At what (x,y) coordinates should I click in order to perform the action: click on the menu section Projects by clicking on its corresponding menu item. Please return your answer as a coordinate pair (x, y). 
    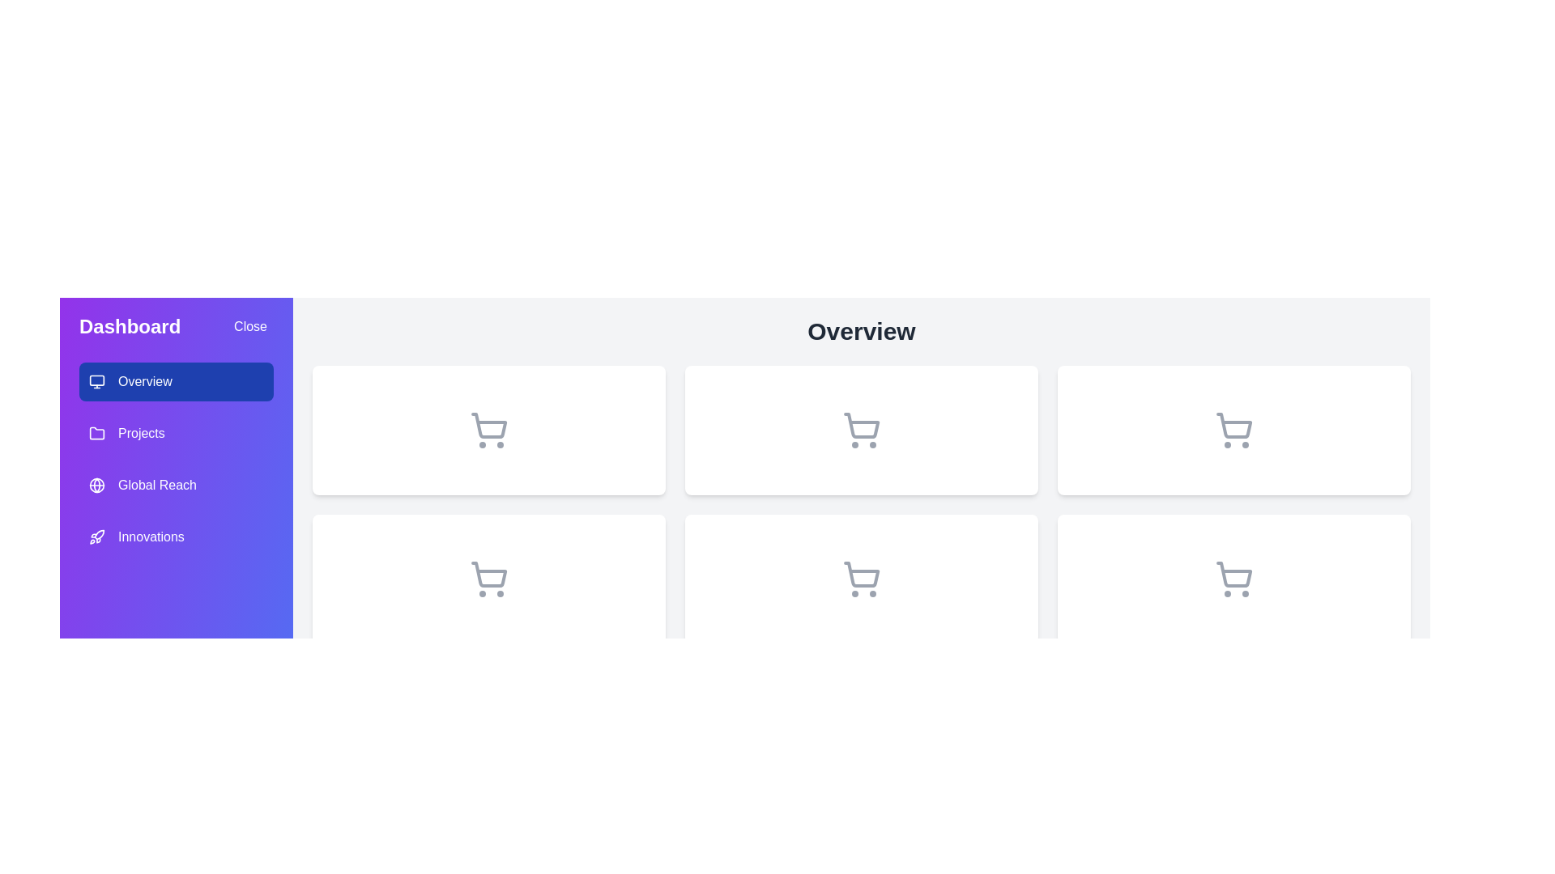
    Looking at the image, I should click on (176, 433).